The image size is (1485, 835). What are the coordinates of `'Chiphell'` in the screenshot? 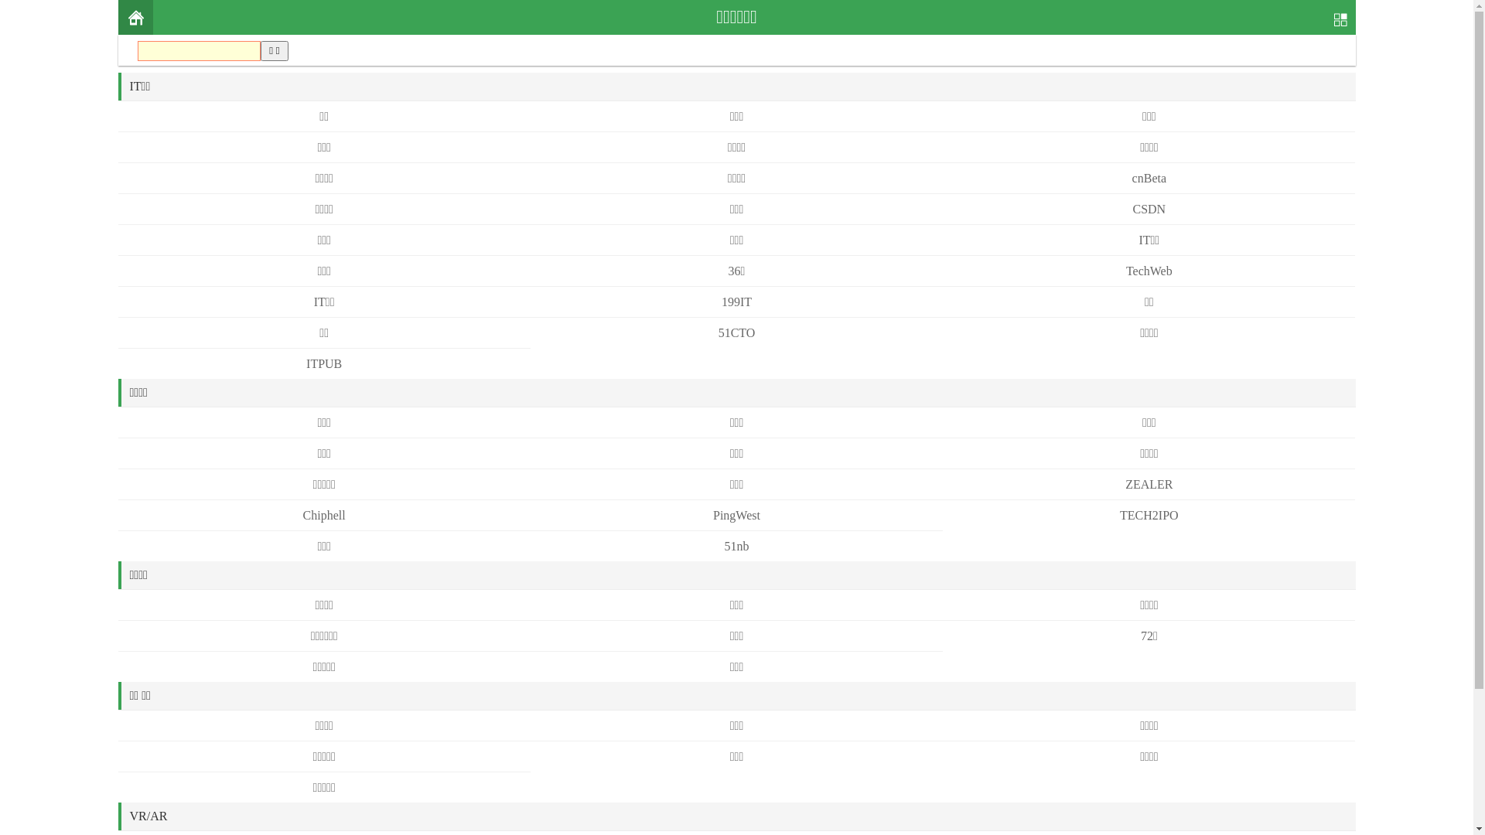 It's located at (323, 515).